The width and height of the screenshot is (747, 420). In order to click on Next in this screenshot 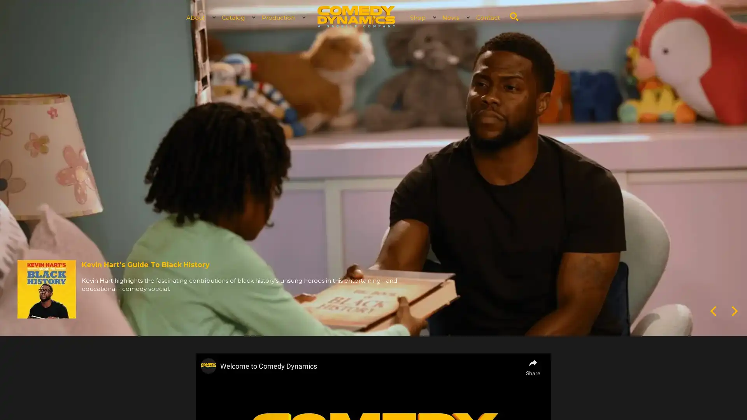, I will do `click(733, 310)`.